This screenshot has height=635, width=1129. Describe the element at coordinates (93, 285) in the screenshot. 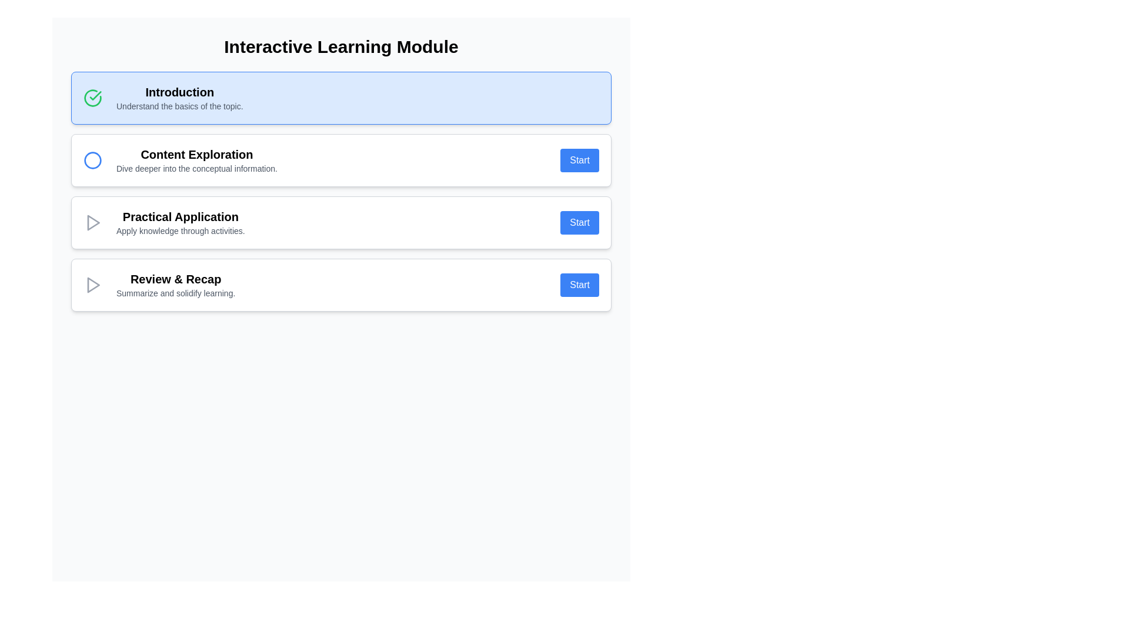

I see `the triangular play button icon located in the 'Review & Recap' section, which is the third icon from the top, to the left of its associated text label` at that location.